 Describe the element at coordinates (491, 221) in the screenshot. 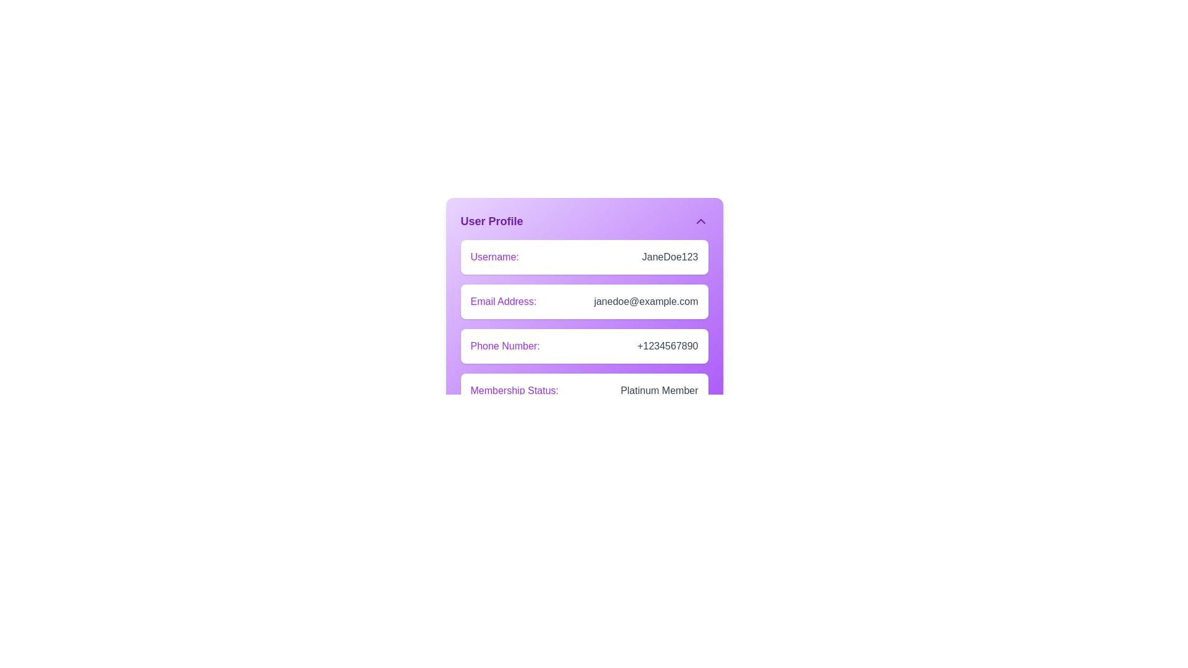

I see `text label that serves as the title or header for the user profile section, located at the top-left corner of the user profile card layout` at that location.